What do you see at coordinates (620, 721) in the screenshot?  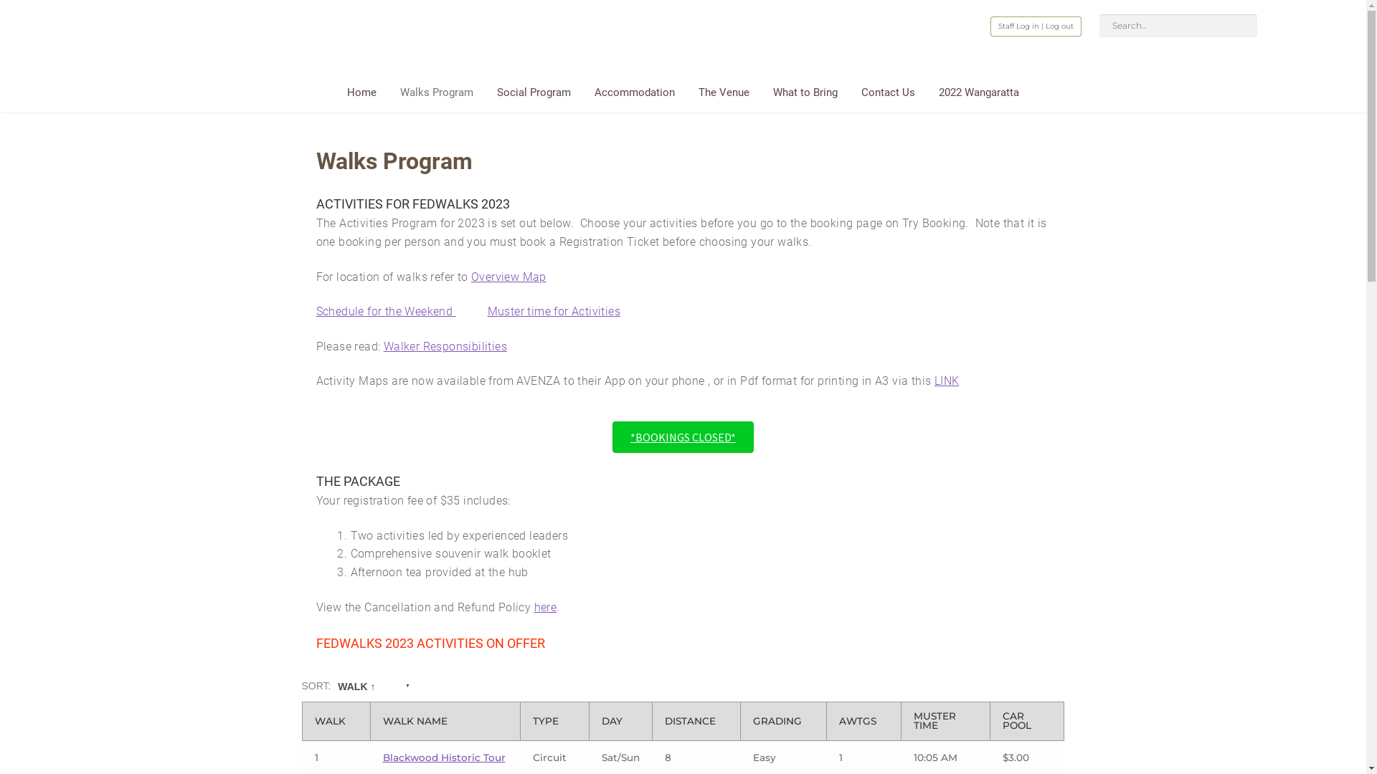 I see `'DAY'` at bounding box center [620, 721].